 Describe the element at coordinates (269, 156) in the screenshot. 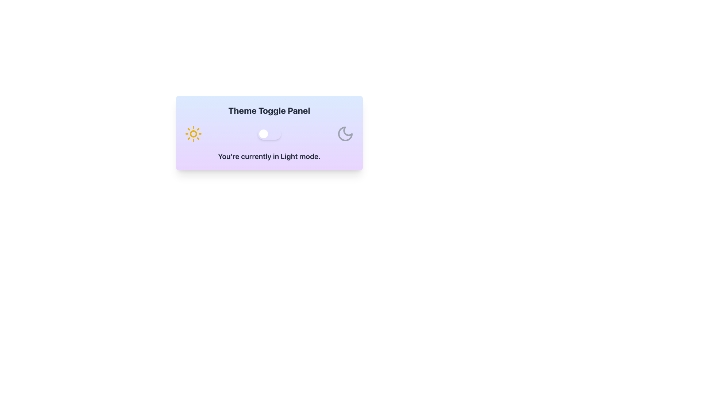

I see `the Text Display that indicates the current theme setting (Light mode) located at the bottom of the Theme Toggle Panel, beneath the toggle switch with sun and moon icons` at that location.